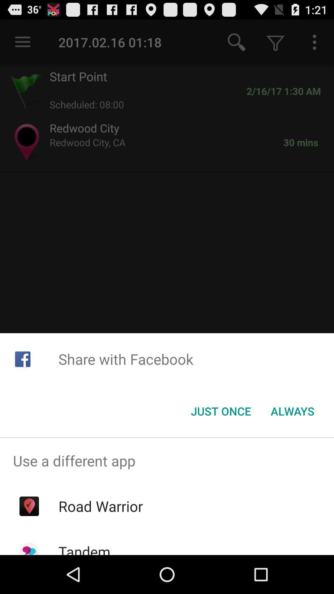 This screenshot has width=334, height=594. Describe the element at coordinates (292, 411) in the screenshot. I see `always` at that location.